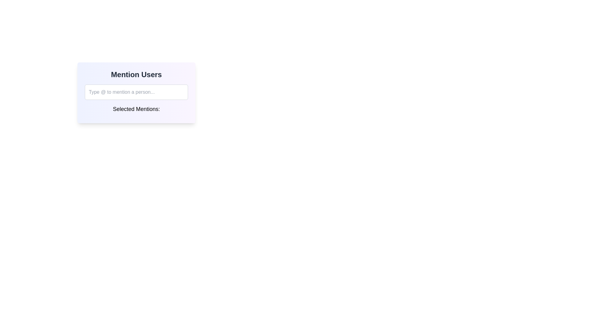  What do you see at coordinates (136, 92) in the screenshot?
I see `the text input field located under the 'Mention Users' title` at bounding box center [136, 92].